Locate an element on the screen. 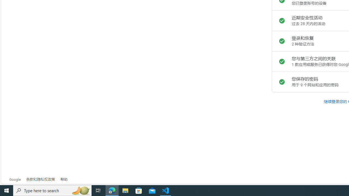 This screenshot has height=196, width=349. 'Visual Studio Code - 1 running window' is located at coordinates (165, 190).